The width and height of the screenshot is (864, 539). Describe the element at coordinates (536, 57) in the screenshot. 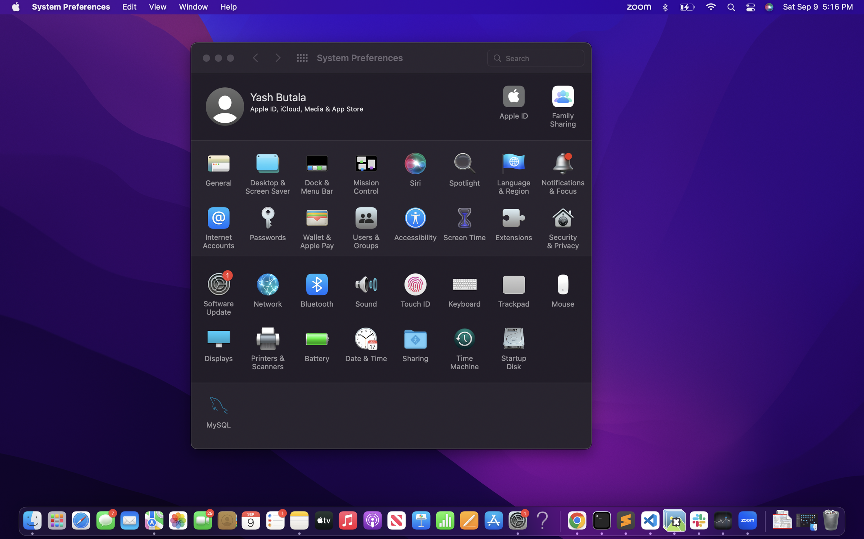

I see `the hardware settings using the search function` at that location.